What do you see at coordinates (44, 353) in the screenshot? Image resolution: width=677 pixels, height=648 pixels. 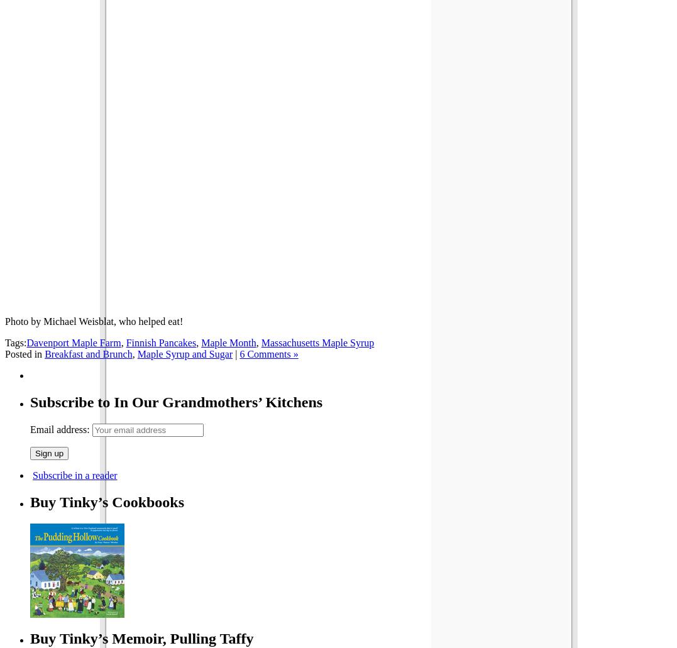 I see `'Breakfast and Brunch'` at bounding box center [44, 353].